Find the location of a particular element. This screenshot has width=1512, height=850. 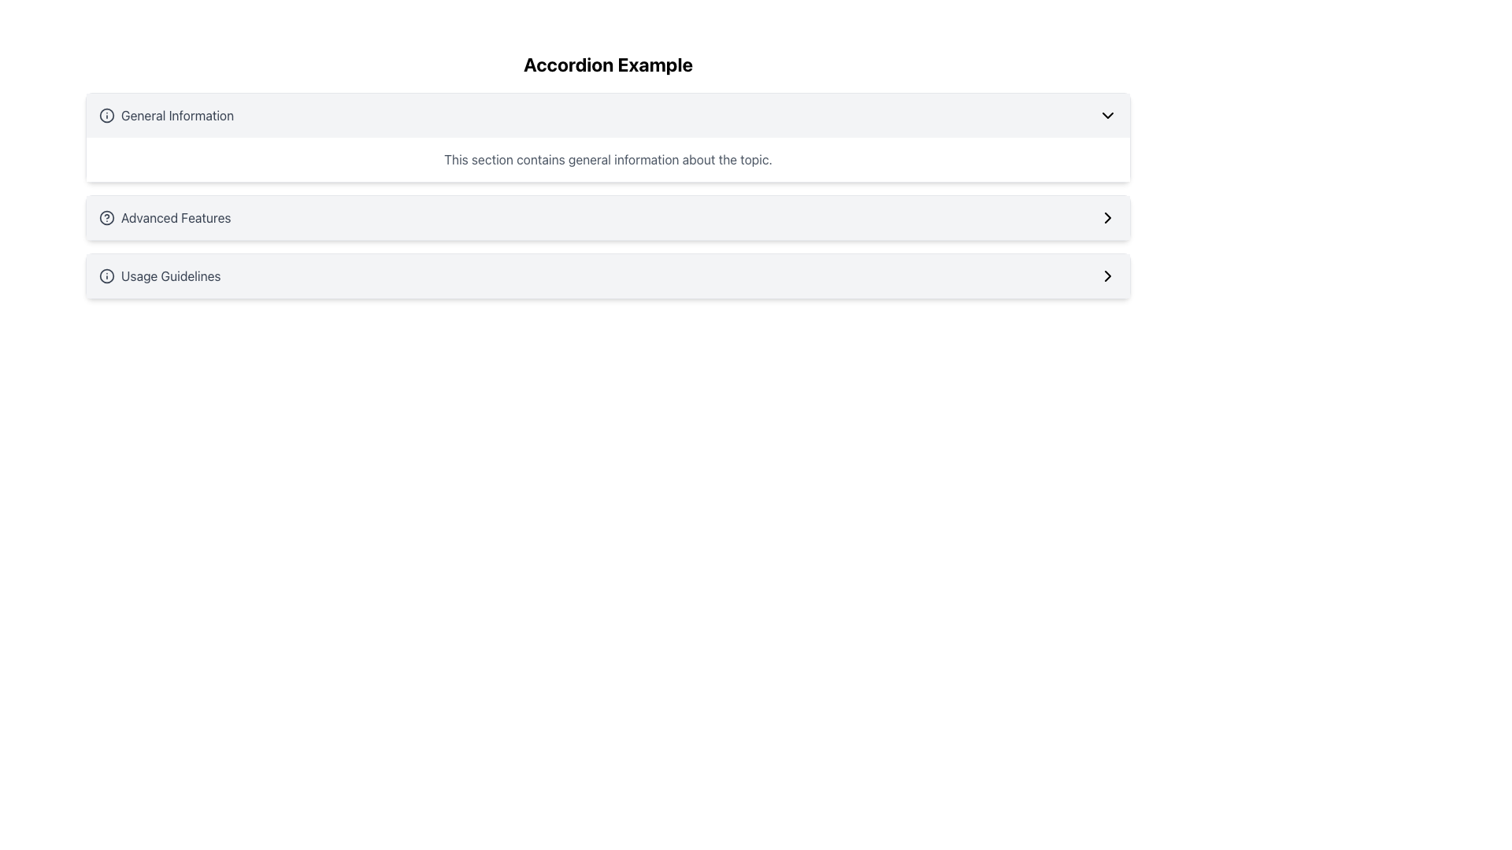

the 'General Information' text label with an information icon is located at coordinates (166, 114).